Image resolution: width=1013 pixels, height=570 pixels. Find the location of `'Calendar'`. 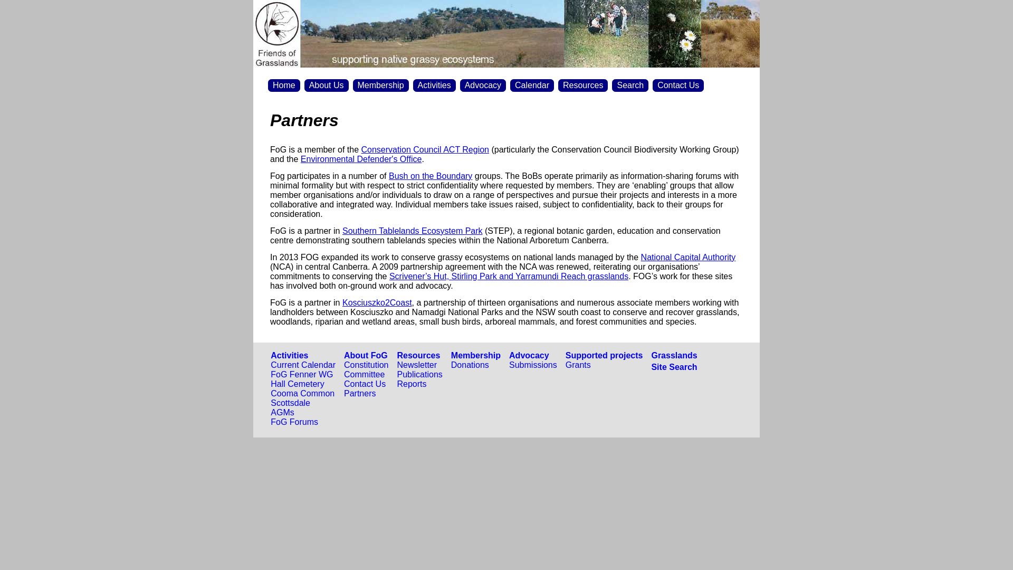

'Calendar' is located at coordinates (532, 85).